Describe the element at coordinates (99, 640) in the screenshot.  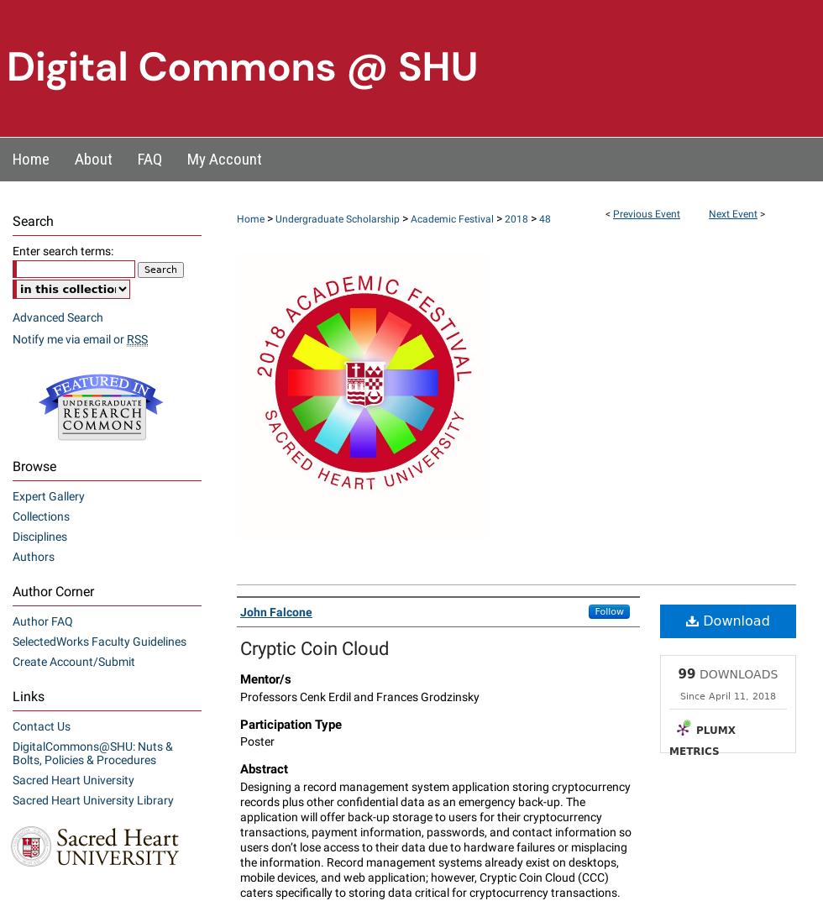
I see `'SelectedWorks Faculty Guidelines'` at that location.